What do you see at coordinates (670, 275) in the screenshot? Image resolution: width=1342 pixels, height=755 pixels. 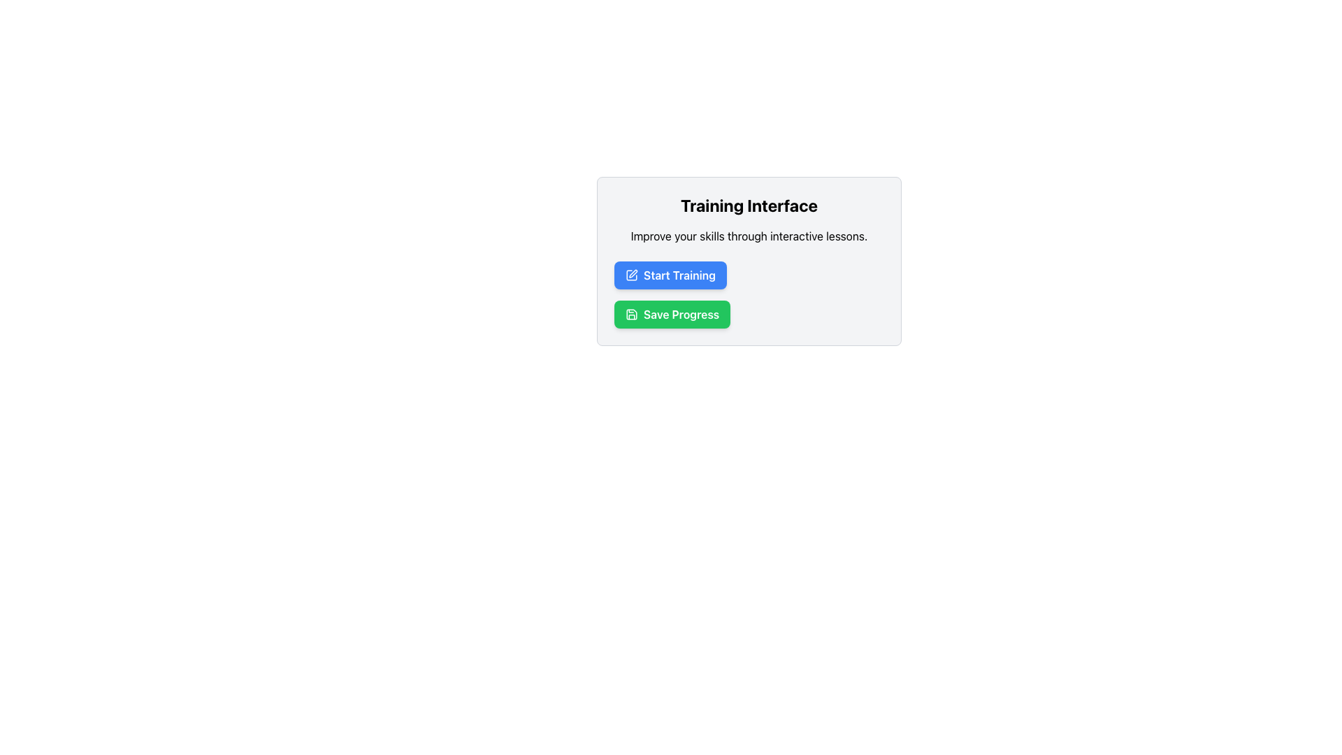 I see `the 'Start Training' button located in the 'Training Interface' section, positioned between the instructional text and the 'Save Progress' button` at bounding box center [670, 275].